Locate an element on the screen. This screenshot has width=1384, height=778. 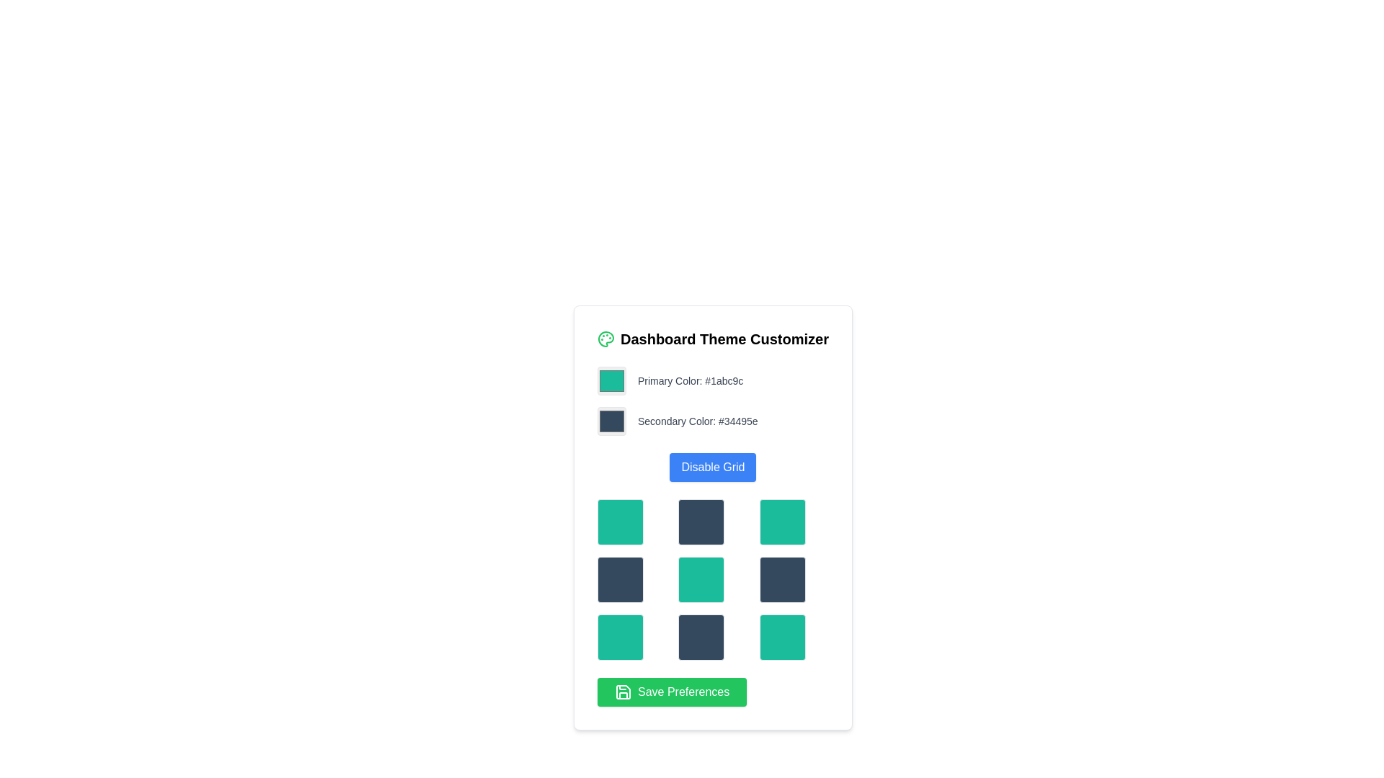
the selectable grid item located in the last row and first column of the grid layout is located at coordinates (620, 636).